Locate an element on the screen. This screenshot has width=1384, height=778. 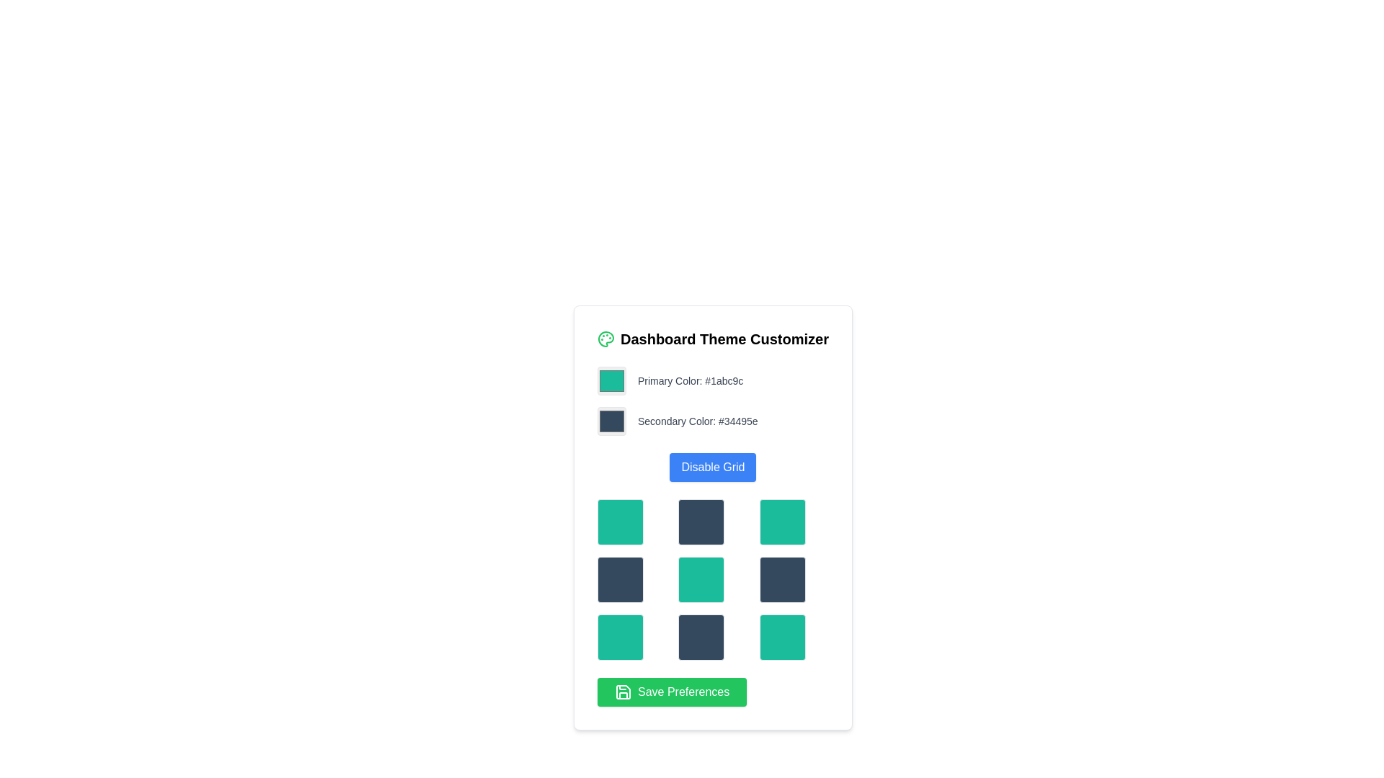
the selectable grid item located in the last row and first column of the grid layout is located at coordinates (620, 636).